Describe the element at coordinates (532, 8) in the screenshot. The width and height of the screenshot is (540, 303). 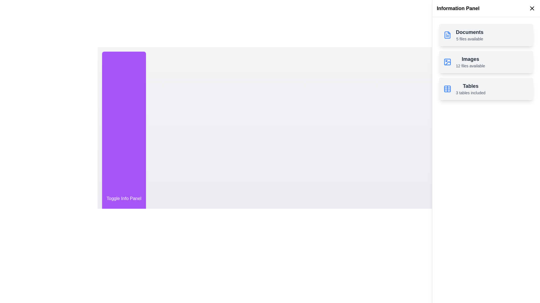
I see `the 'X' button to close the InfoDrawer` at that location.